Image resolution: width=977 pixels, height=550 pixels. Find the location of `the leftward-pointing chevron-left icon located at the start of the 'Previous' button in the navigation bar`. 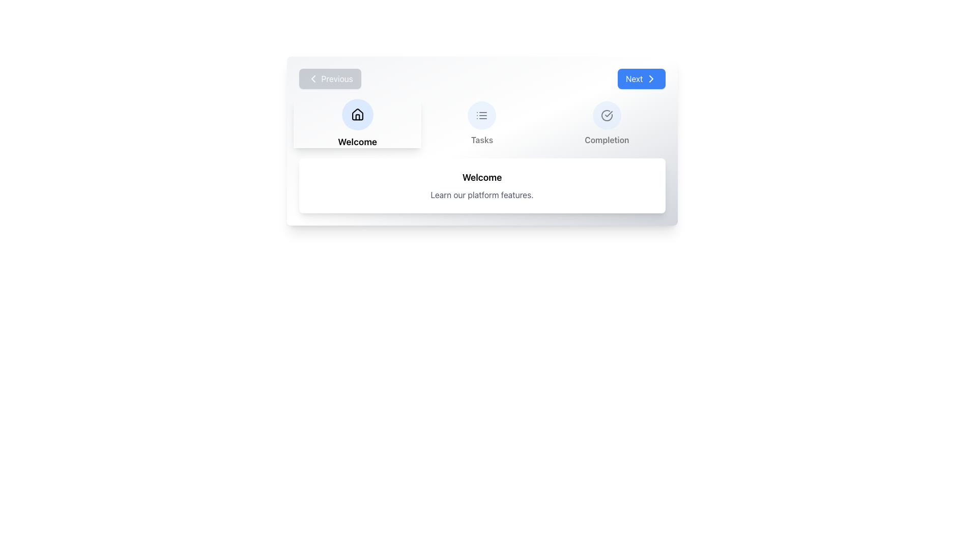

the leftward-pointing chevron-left icon located at the start of the 'Previous' button in the navigation bar is located at coordinates (312, 78).